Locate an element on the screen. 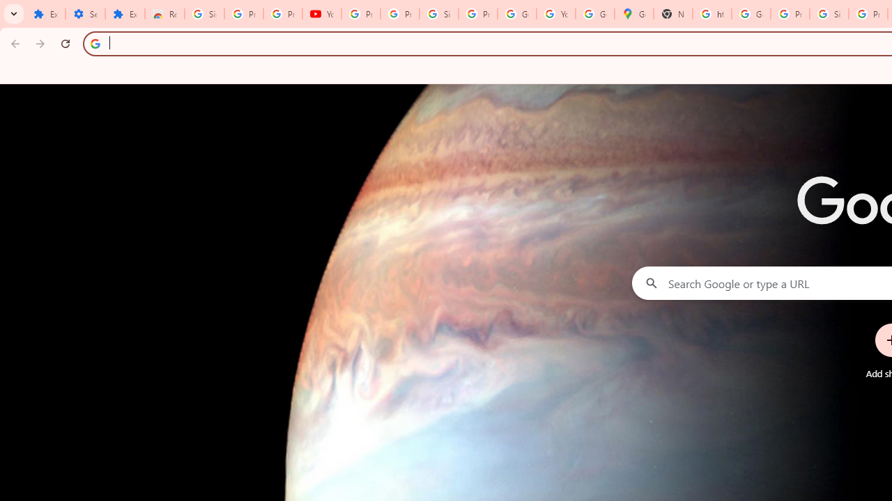 The width and height of the screenshot is (892, 501). 'New Tab' is located at coordinates (673, 14).